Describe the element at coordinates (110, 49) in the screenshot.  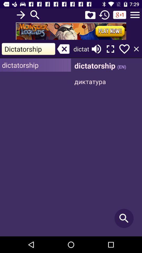
I see `the icon next to volume icon` at that location.